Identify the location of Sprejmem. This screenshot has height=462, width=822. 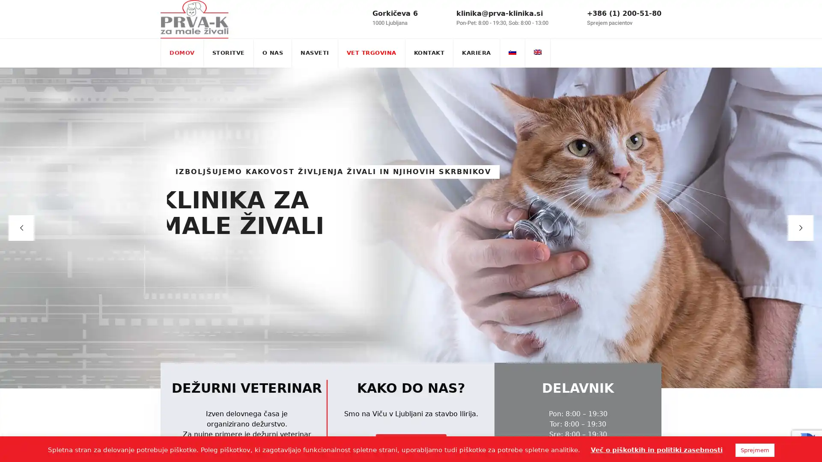
(754, 450).